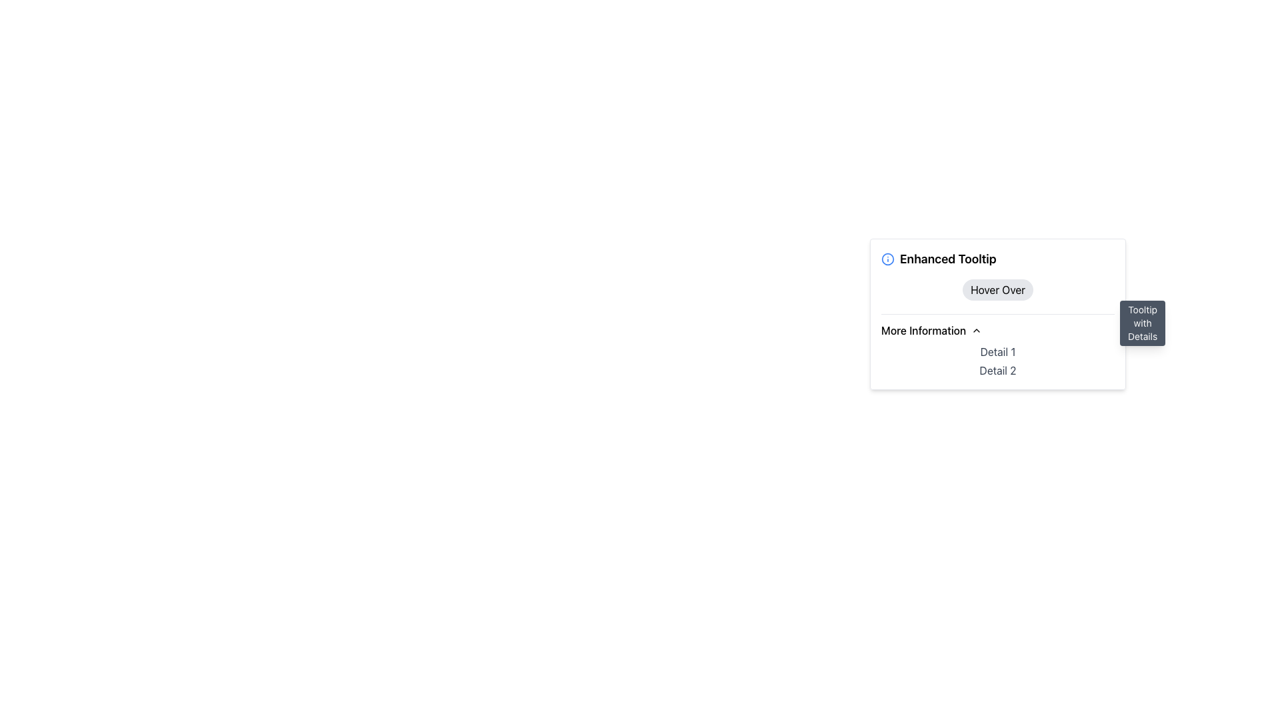 Image resolution: width=1280 pixels, height=720 pixels. I want to click on the chevron icon in the 'More Information' section under the 'Enhanced Tooltip' header, so click(998, 345).